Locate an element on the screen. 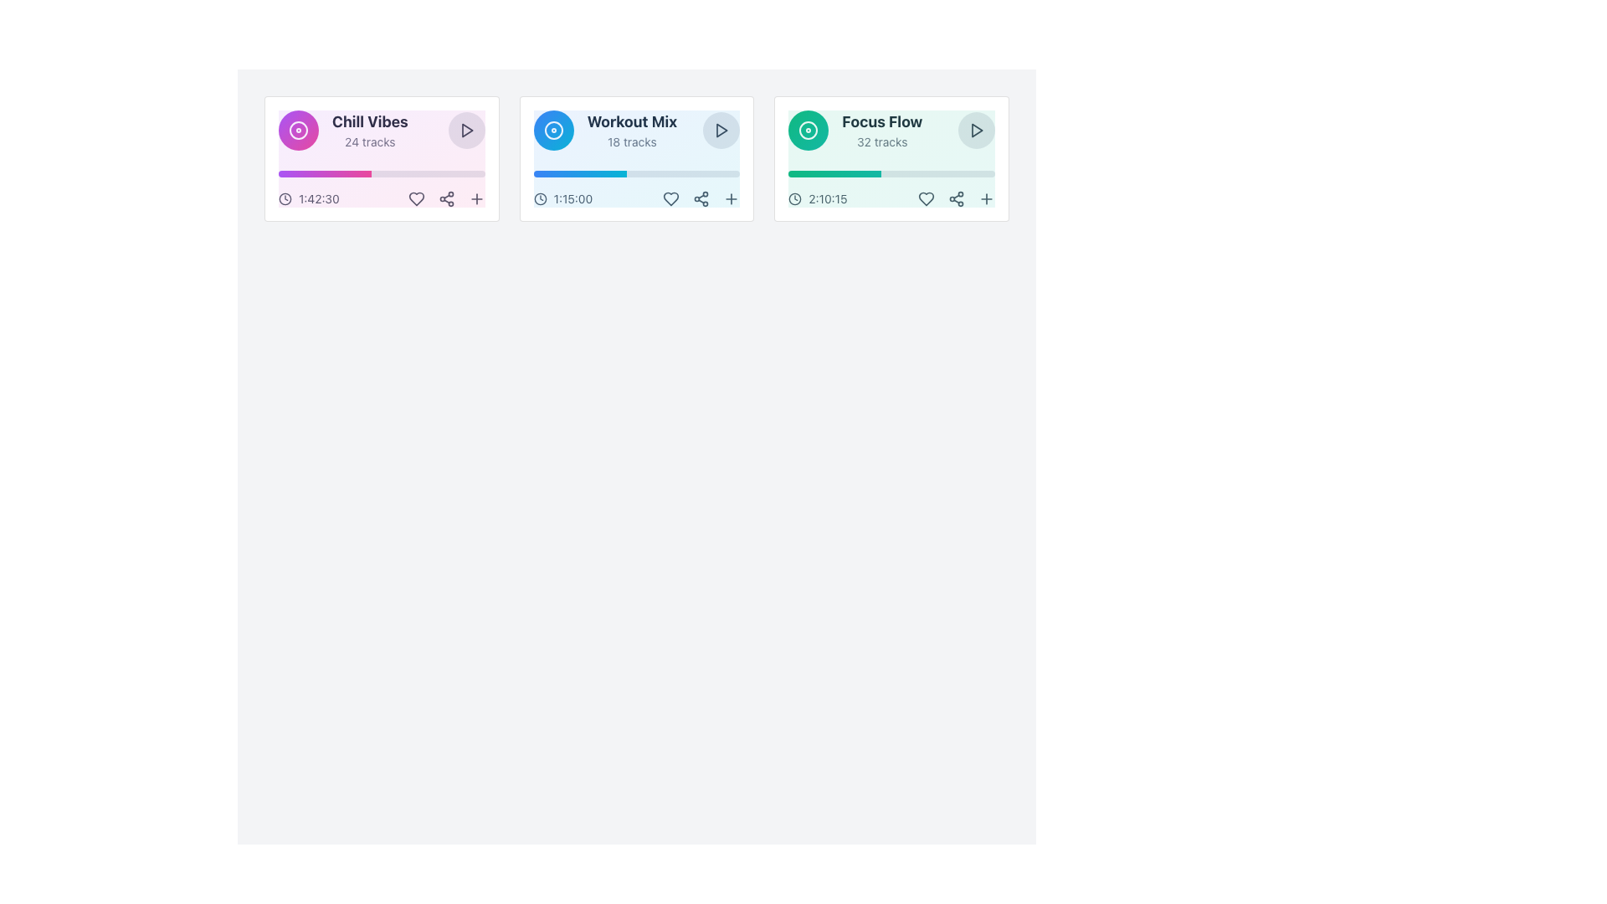 The width and height of the screenshot is (1607, 904). the title of the 'Chill Vibes' playlist in the top-left region of its card, which serves as a descriptive title for the playlist and indicates the number of tracks included is located at coordinates (342, 129).